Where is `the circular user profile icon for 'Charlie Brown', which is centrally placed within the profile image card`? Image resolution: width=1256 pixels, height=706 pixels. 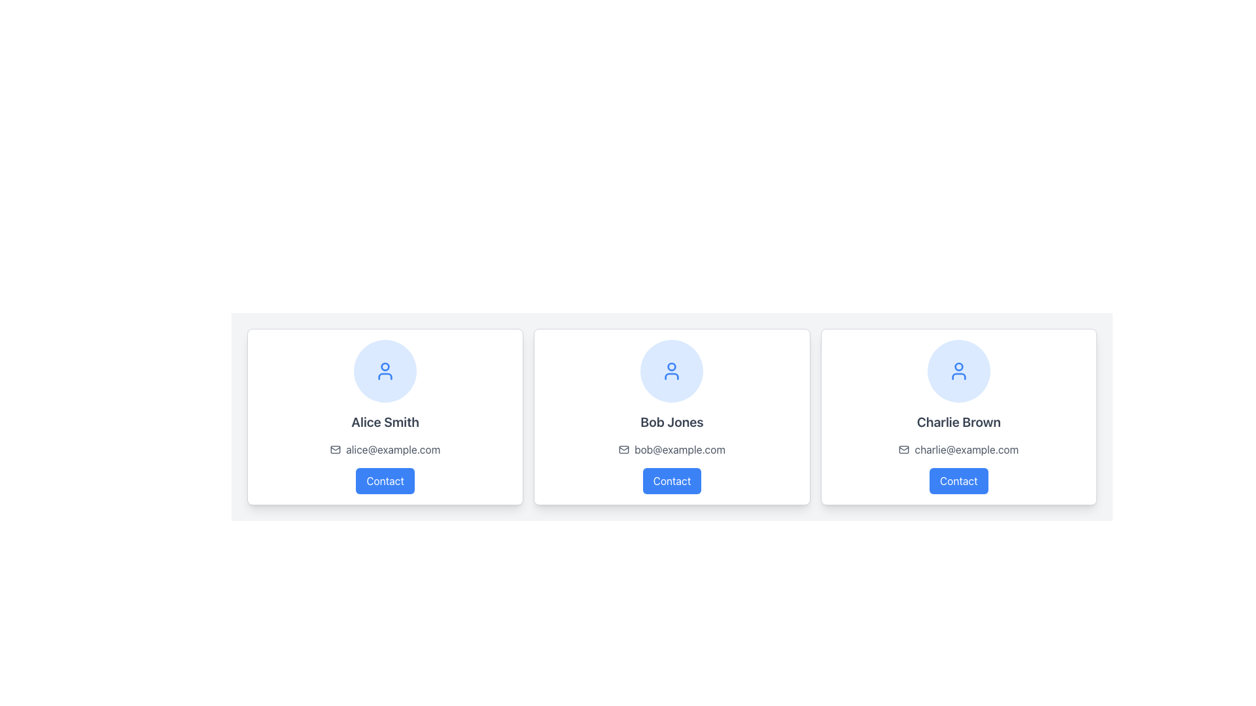 the circular user profile icon for 'Charlie Brown', which is centrally placed within the profile image card is located at coordinates (958, 367).